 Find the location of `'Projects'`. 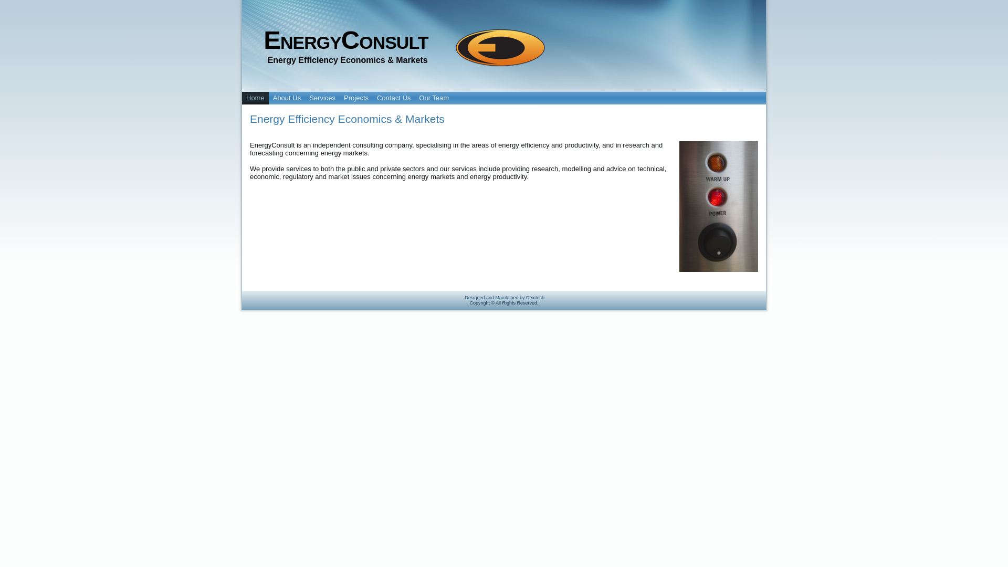

'Projects' is located at coordinates (356, 98).